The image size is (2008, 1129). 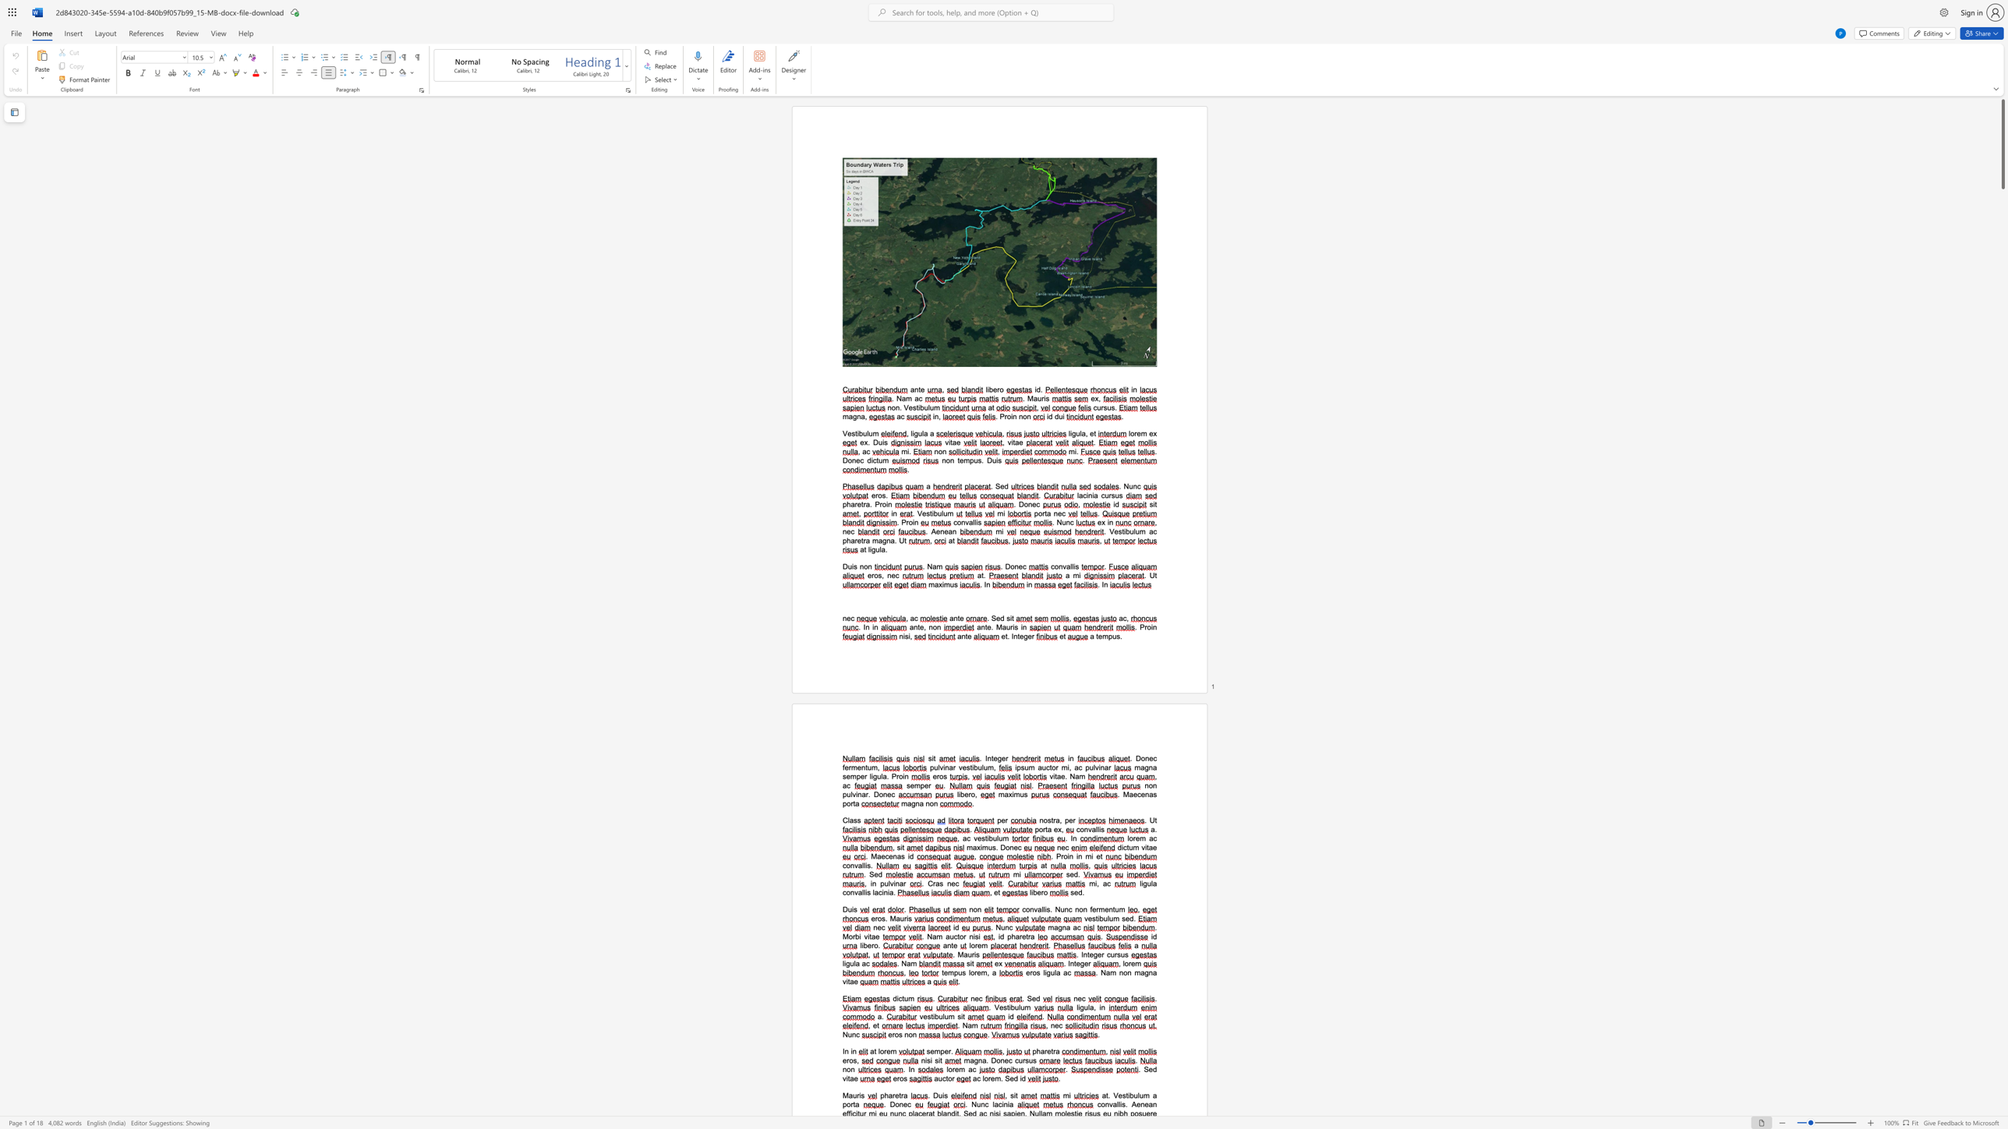 What do you see at coordinates (986, 847) in the screenshot?
I see `the space between the continuous character "m" and "u" in the text` at bounding box center [986, 847].